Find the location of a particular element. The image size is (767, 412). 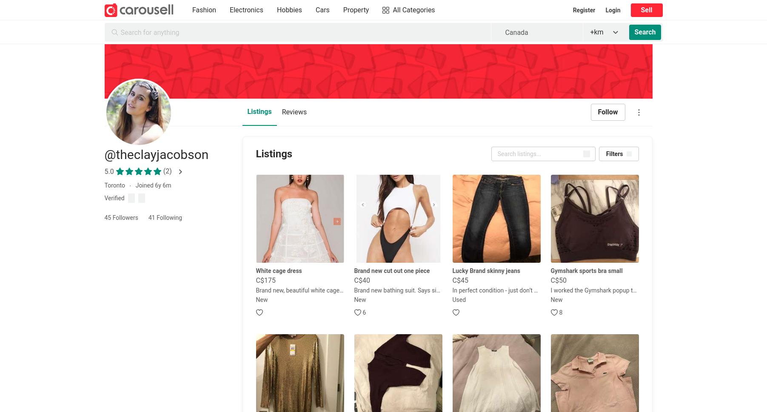

'Brand new cut out one piece' is located at coordinates (391, 271).